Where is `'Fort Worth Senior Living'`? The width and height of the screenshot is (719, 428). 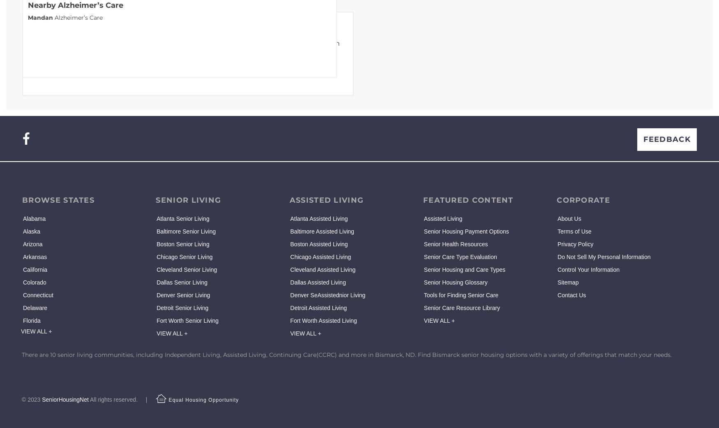
'Fort Worth Senior Living' is located at coordinates (156, 321).